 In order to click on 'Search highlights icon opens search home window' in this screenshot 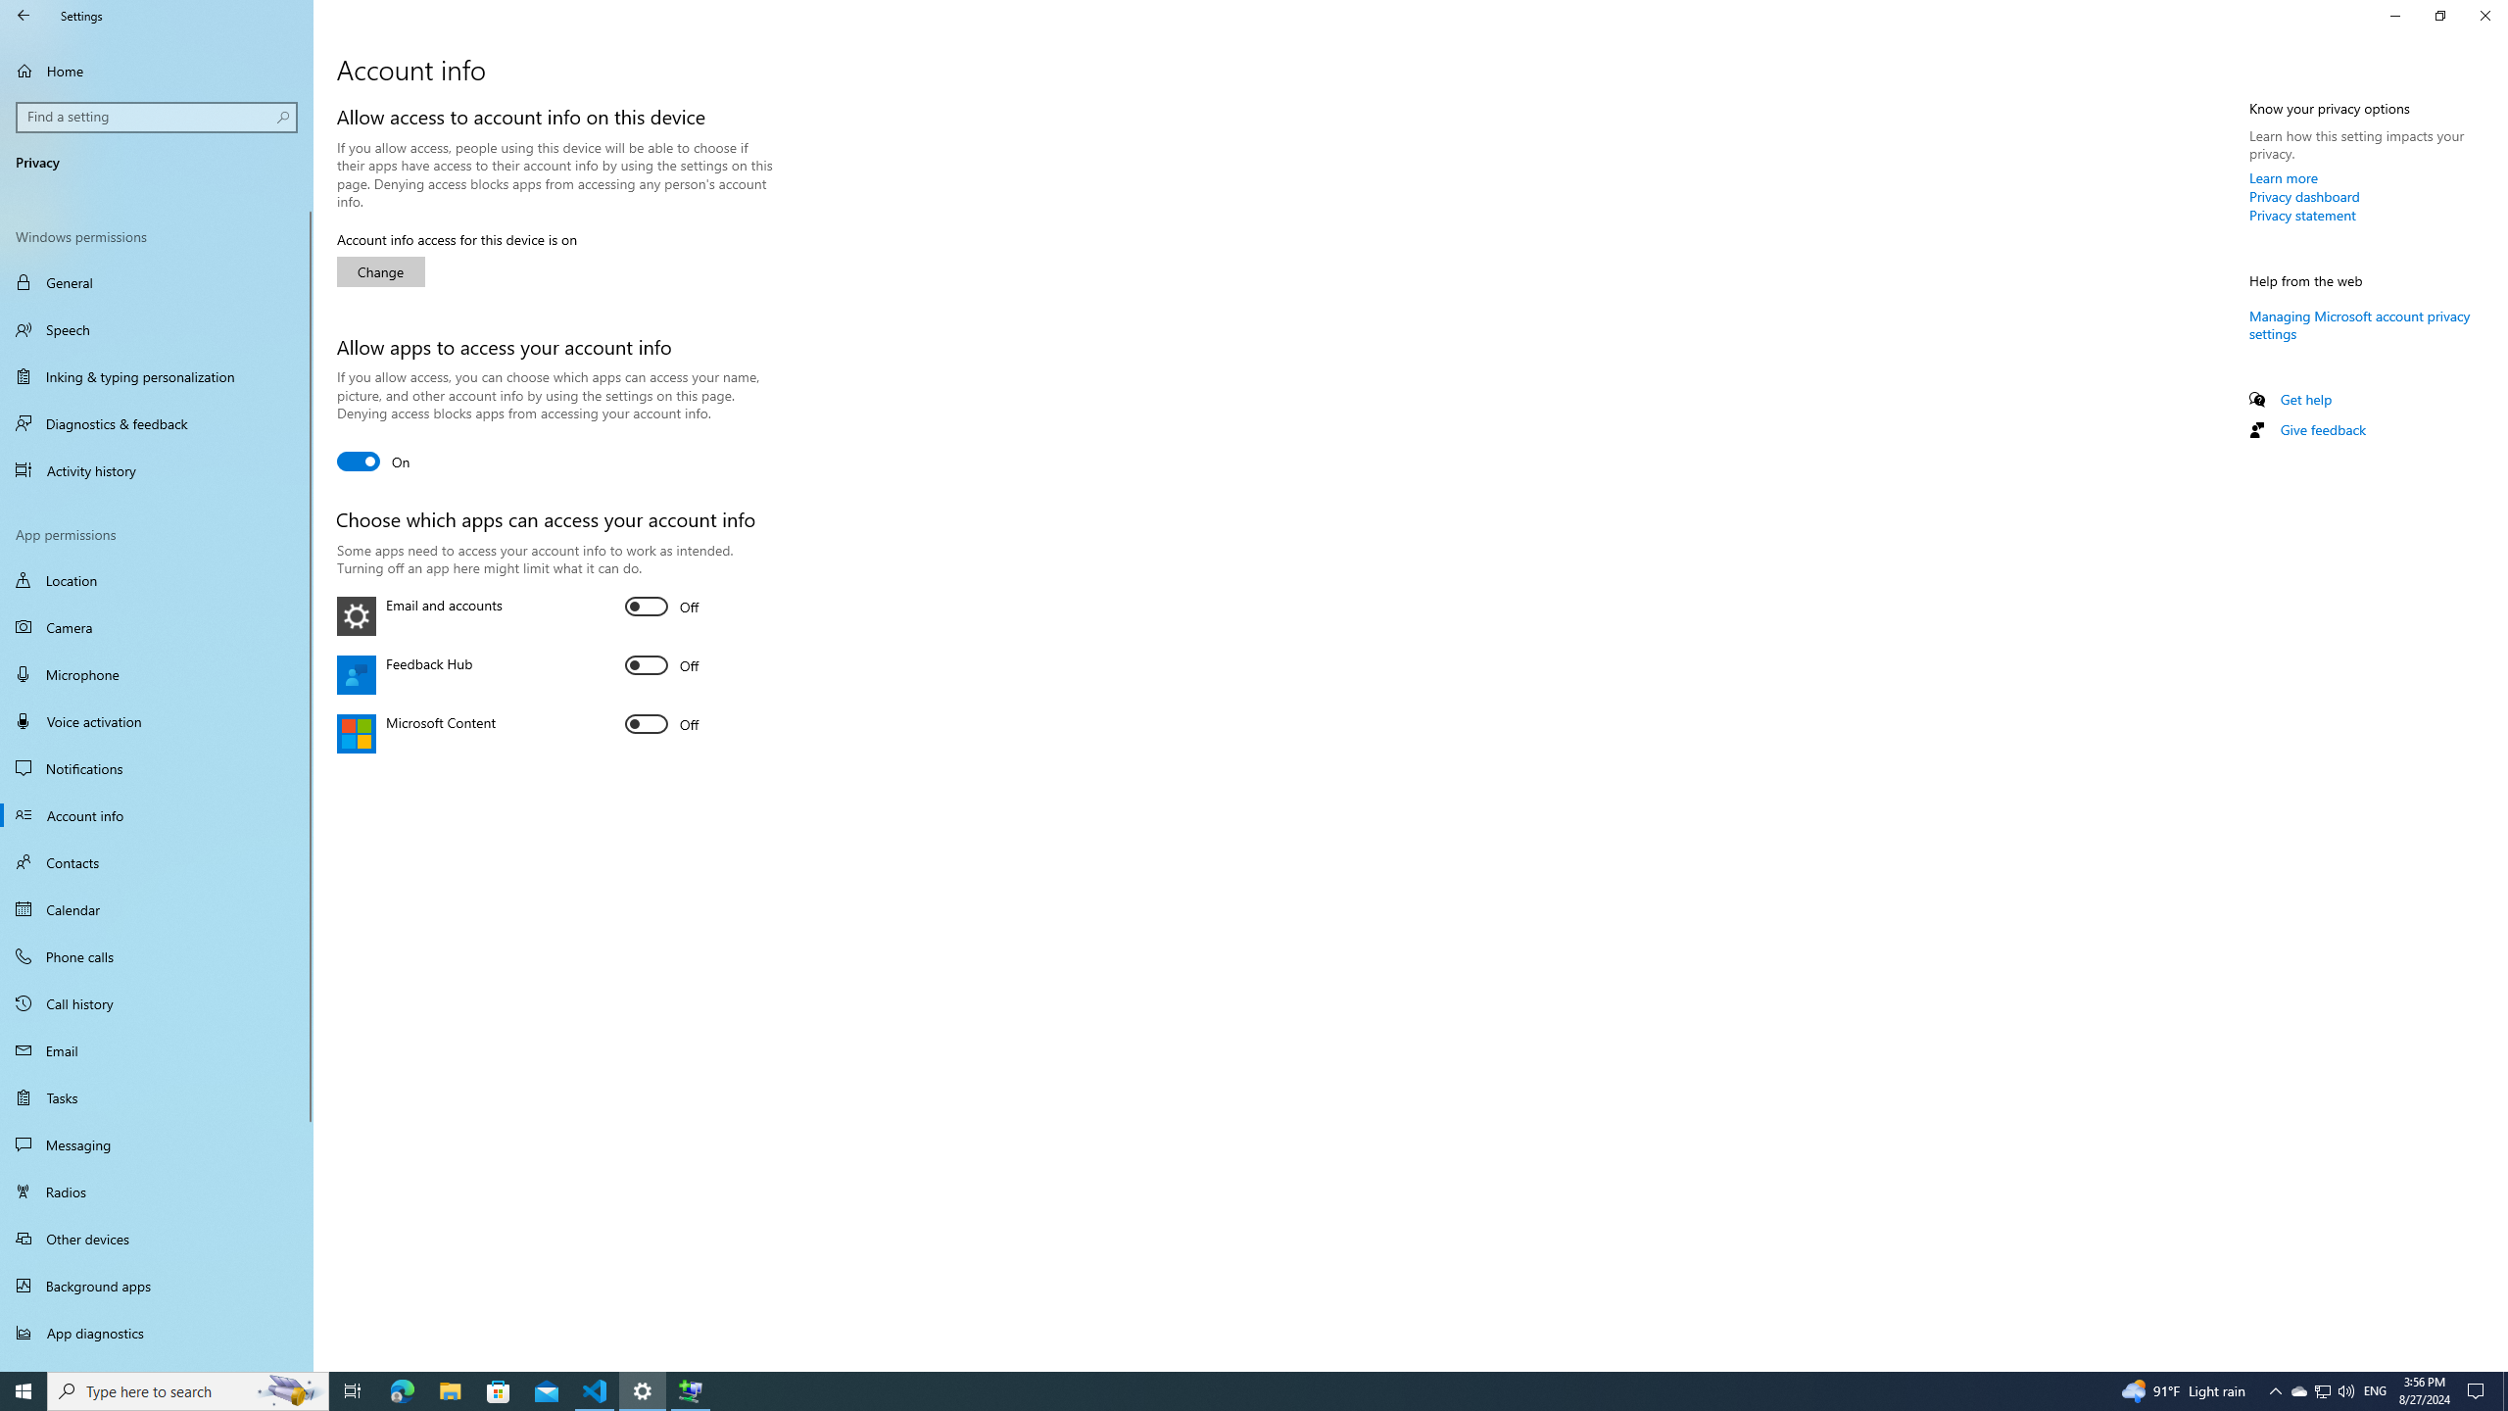, I will do `click(288, 1389)`.